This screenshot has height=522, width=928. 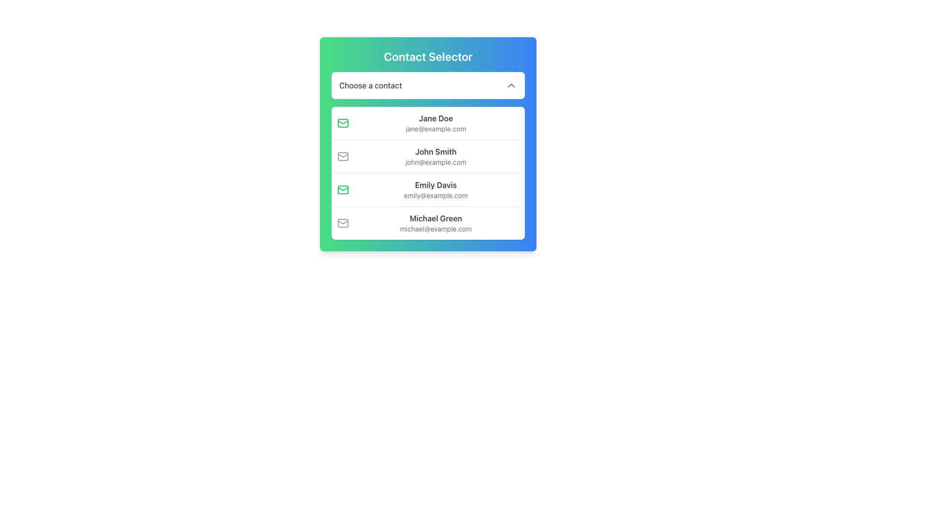 I want to click on the email icon associated with the contact 'Jane Doe', which is visually indicated by a green color and positioned to the left of the name and email address, so click(x=343, y=122).